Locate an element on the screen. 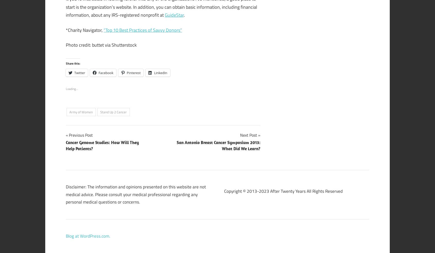 The height and width of the screenshot is (253, 435). '.' is located at coordinates (184, 15).